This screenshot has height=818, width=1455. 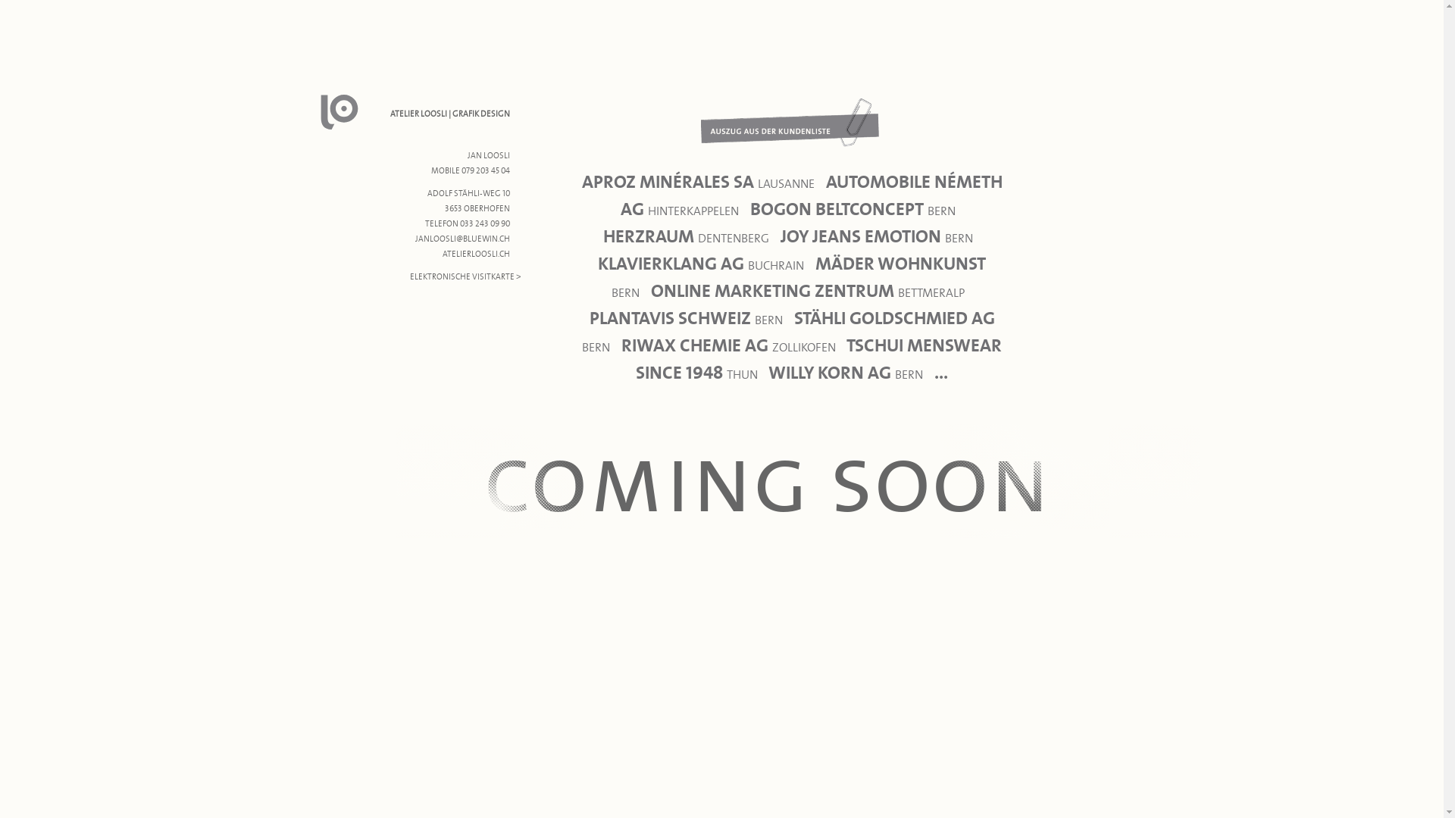 What do you see at coordinates (465, 276) in the screenshot?
I see `'ELEKTRONISCHE VISITKARTE >'` at bounding box center [465, 276].